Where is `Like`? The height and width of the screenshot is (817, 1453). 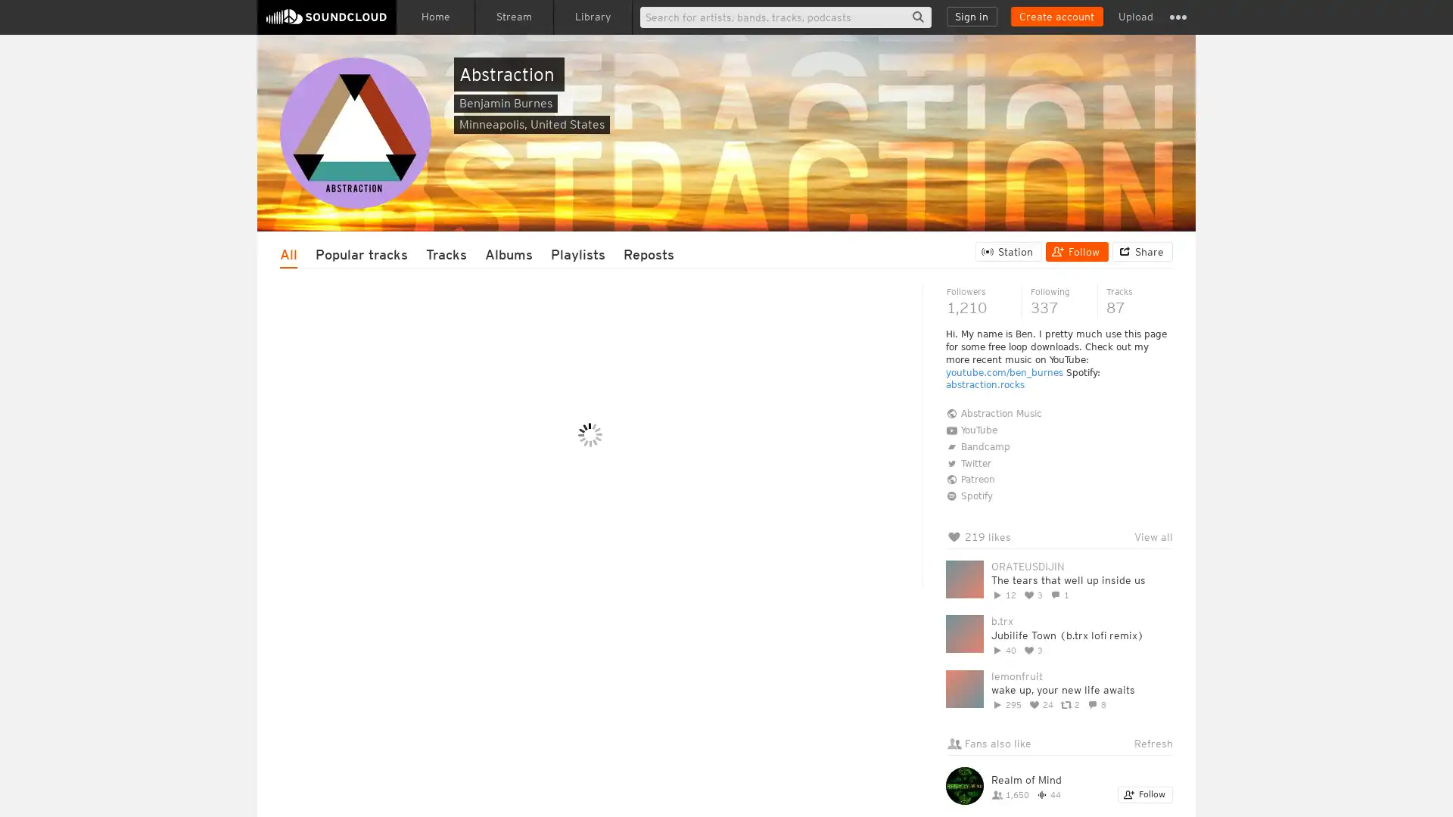
Like is located at coordinates (428, 451).